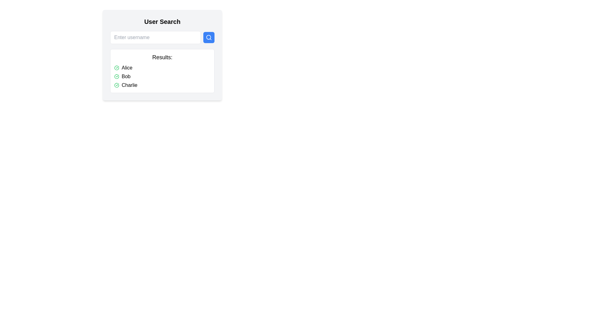 This screenshot has height=335, width=596. What do you see at coordinates (129, 85) in the screenshot?
I see `the text label displaying the name 'Charlie' in the 'Results:' section` at bounding box center [129, 85].